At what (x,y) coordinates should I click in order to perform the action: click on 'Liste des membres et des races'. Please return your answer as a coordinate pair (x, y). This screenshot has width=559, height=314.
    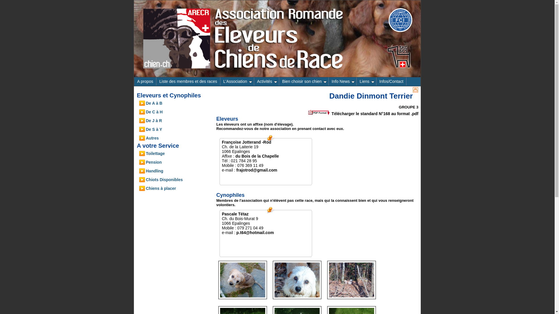
    Looking at the image, I should click on (156, 81).